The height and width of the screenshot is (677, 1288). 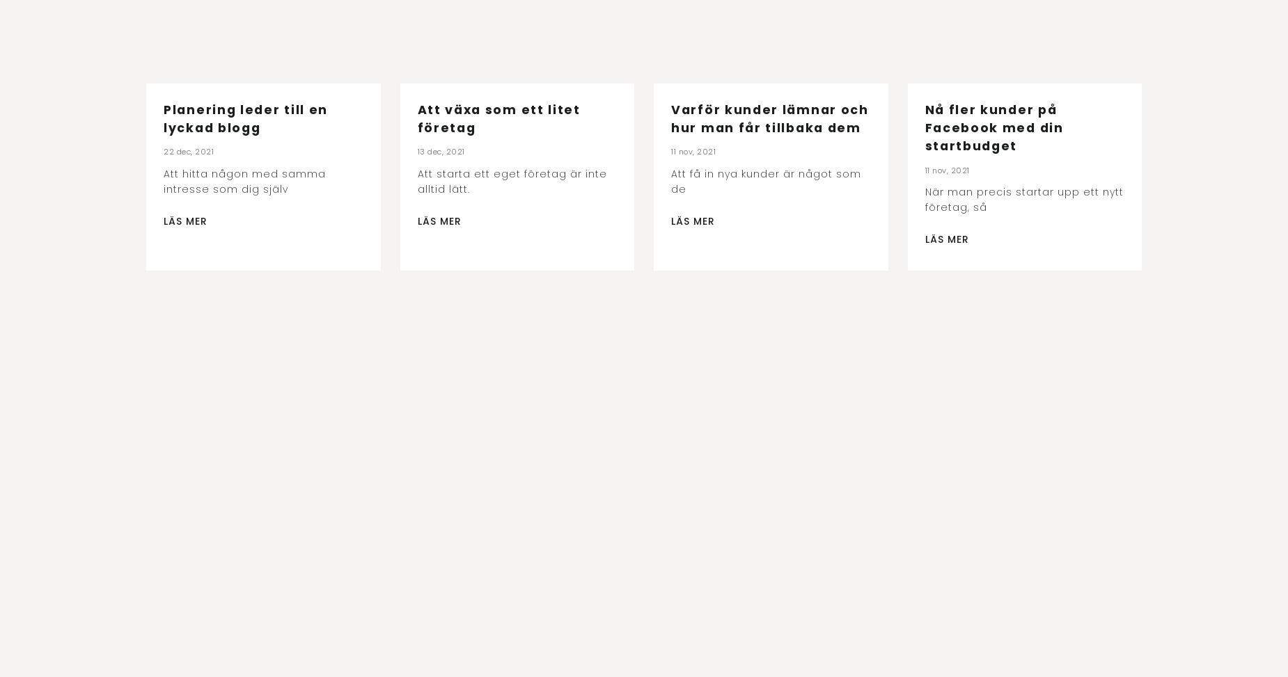 What do you see at coordinates (244, 118) in the screenshot?
I see `'Planering leder till en lyckad blogg'` at bounding box center [244, 118].